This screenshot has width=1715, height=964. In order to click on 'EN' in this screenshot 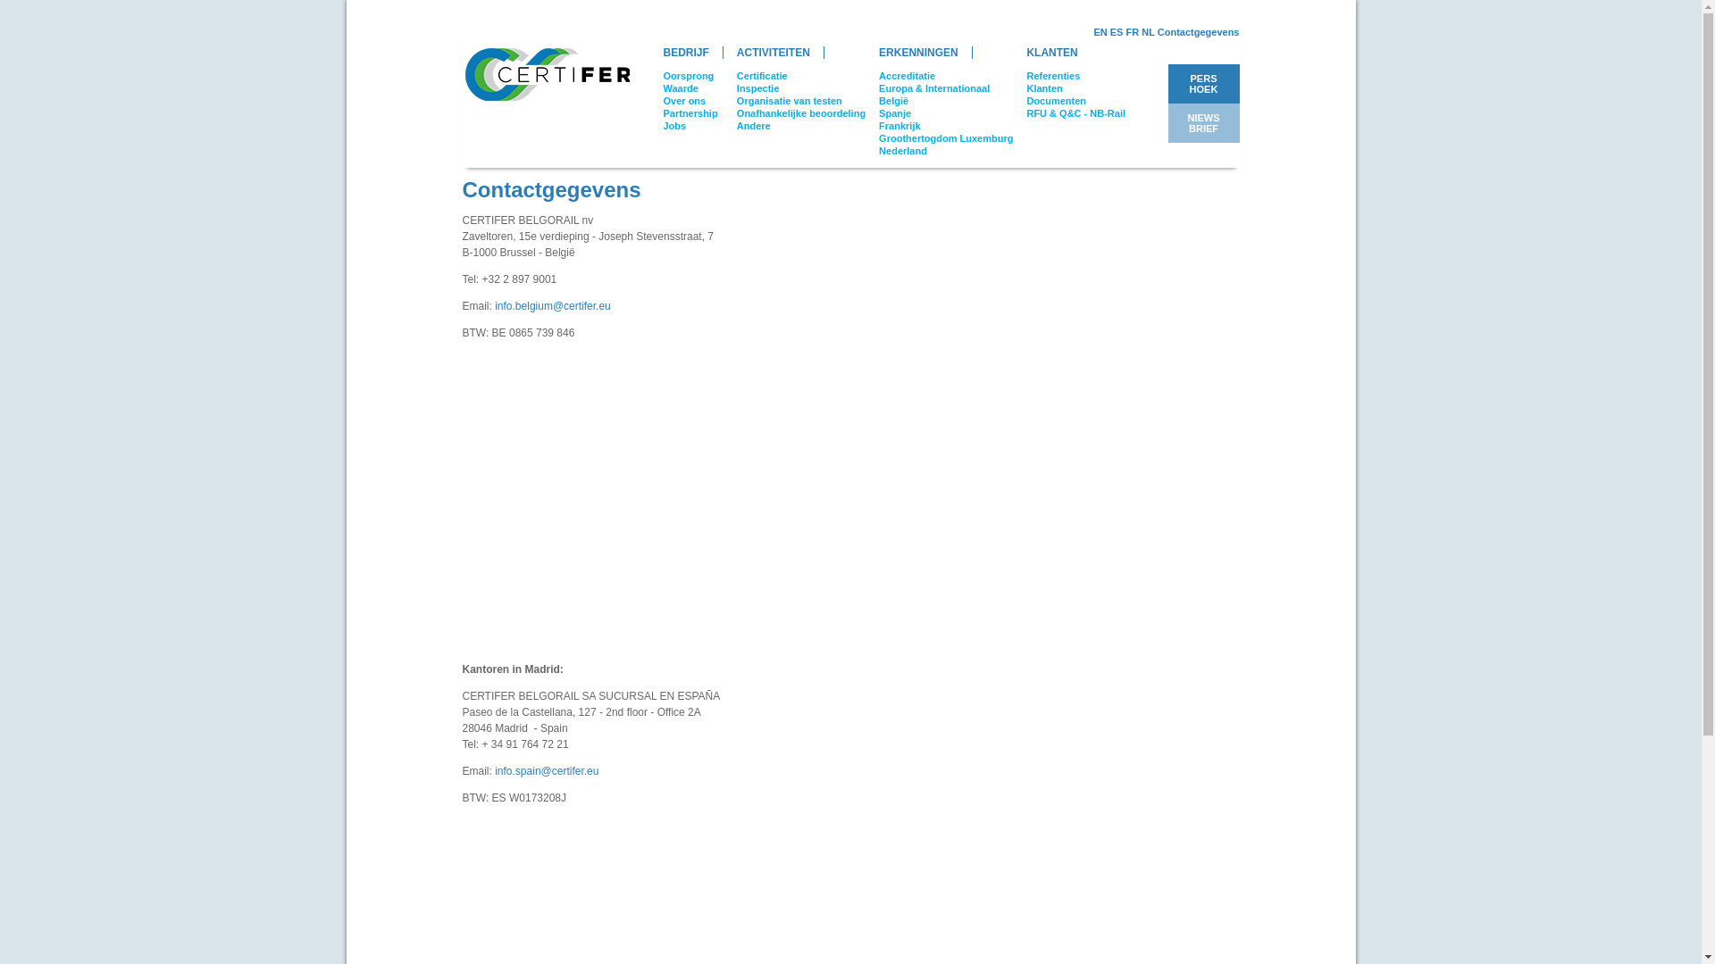, I will do `click(1099, 31)`.